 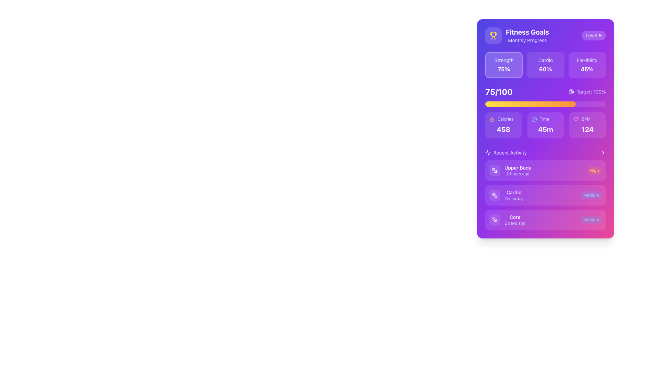 I want to click on the 'Upper Body' text label indicating recent activity in the 'Recent Activity' list, so click(x=518, y=168).